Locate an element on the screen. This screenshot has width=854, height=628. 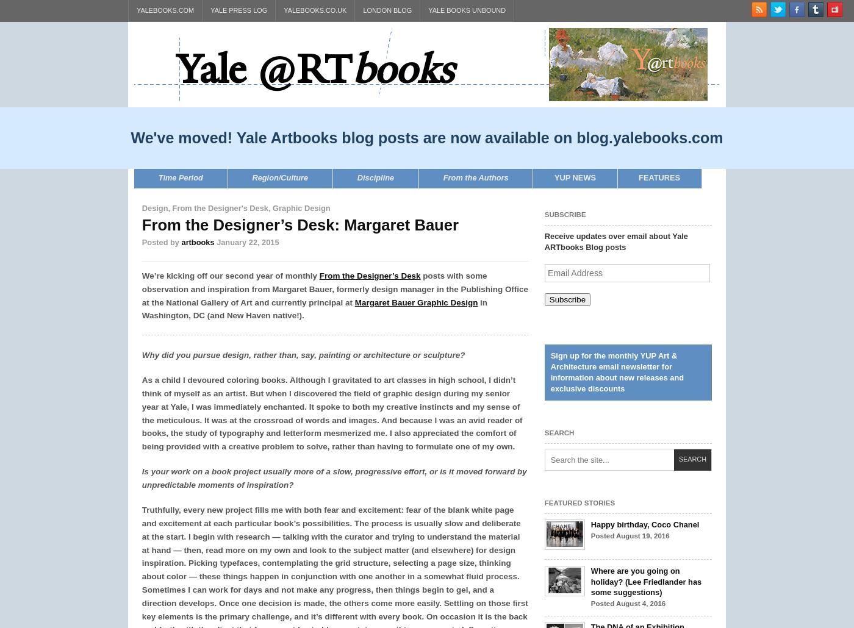
'Why did you pursue design, rather than, say, painting or architecture or sculpture?' is located at coordinates (303, 355).